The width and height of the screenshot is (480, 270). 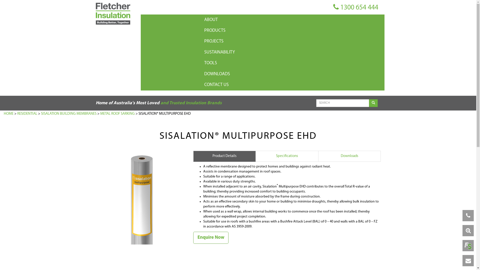 I want to click on 'search', so click(x=373, y=103).